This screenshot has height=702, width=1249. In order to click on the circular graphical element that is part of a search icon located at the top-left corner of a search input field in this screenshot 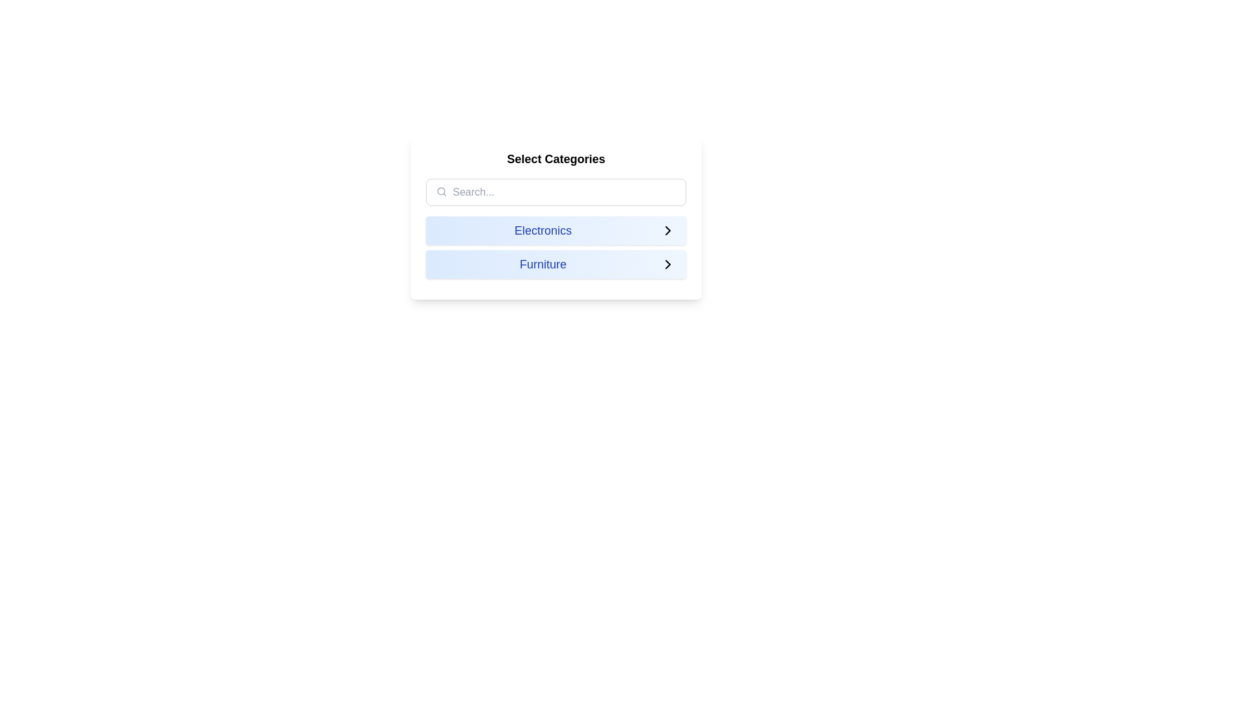, I will do `click(441, 191)`.